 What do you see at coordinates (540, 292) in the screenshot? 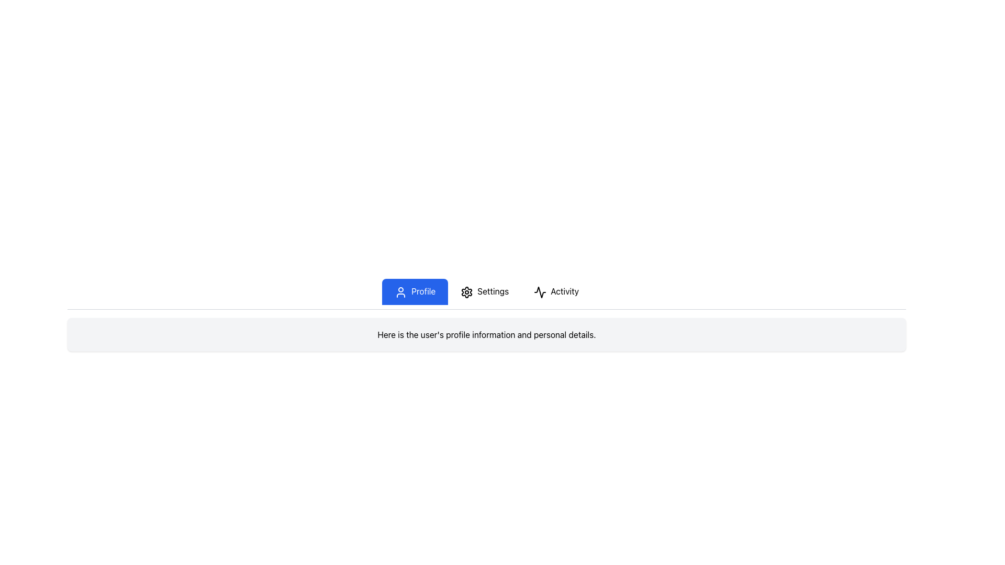
I see `the visual design of the activity waveform icon located next to the 'Activity' label in the tab layout header` at bounding box center [540, 292].